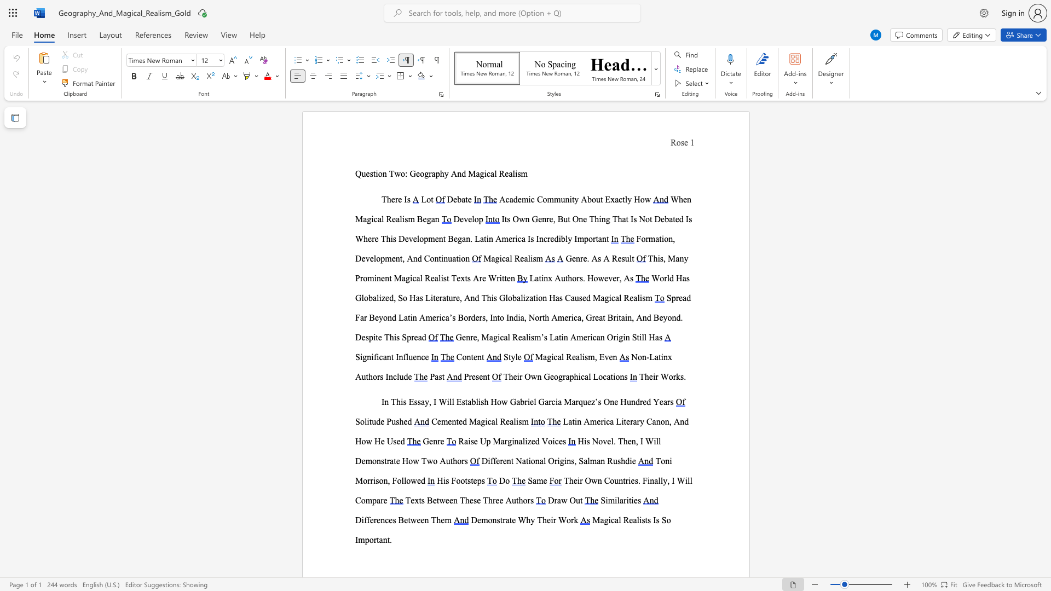 Image resolution: width=1051 pixels, height=591 pixels. What do you see at coordinates (368, 376) in the screenshot?
I see `the subset text "hors Incl" within the text "Non-Latinx Authors Include"` at bounding box center [368, 376].